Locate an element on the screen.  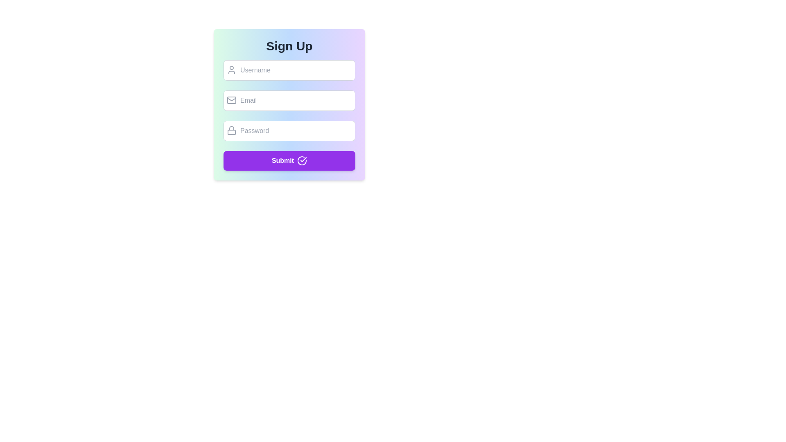
the minimalist outline mail icon located to the left of the email input field in the sign-up form is located at coordinates (231, 100).